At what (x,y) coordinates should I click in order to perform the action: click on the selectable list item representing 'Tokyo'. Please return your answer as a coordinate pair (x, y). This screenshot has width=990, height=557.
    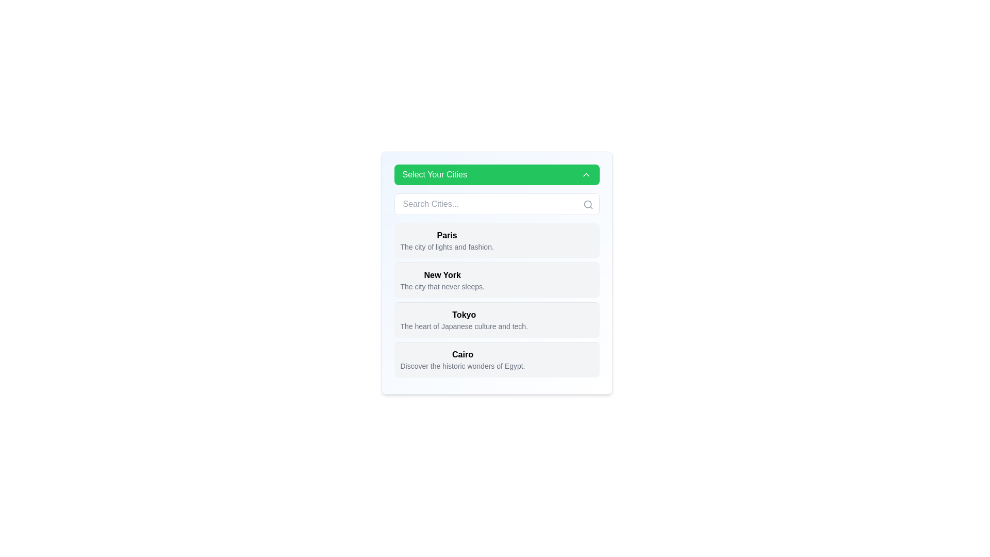
    Looking at the image, I should click on (497, 319).